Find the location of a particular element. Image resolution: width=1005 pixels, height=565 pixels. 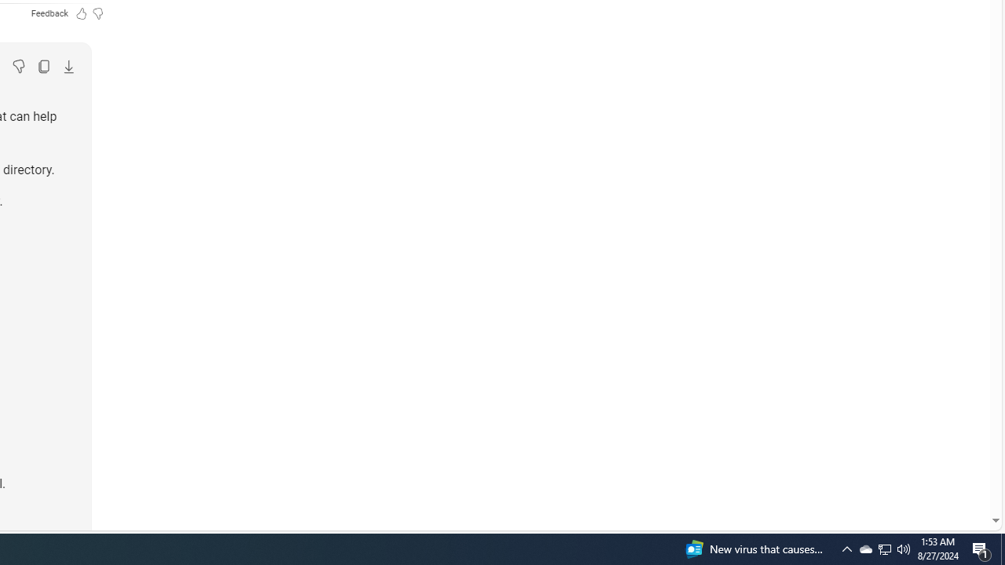

'Export' is located at coordinates (68, 65).